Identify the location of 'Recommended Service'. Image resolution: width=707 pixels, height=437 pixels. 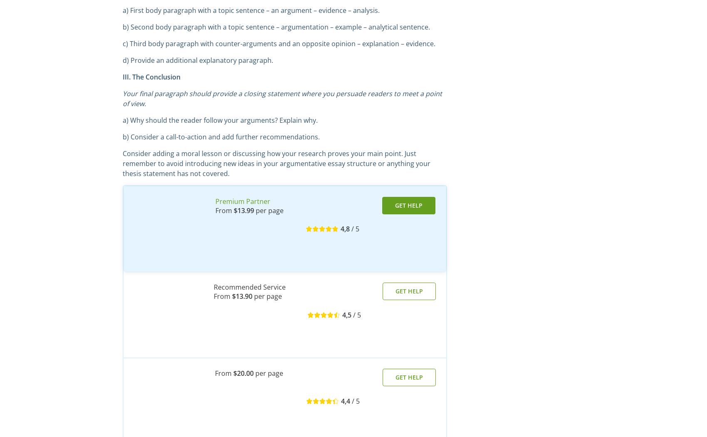
(249, 287).